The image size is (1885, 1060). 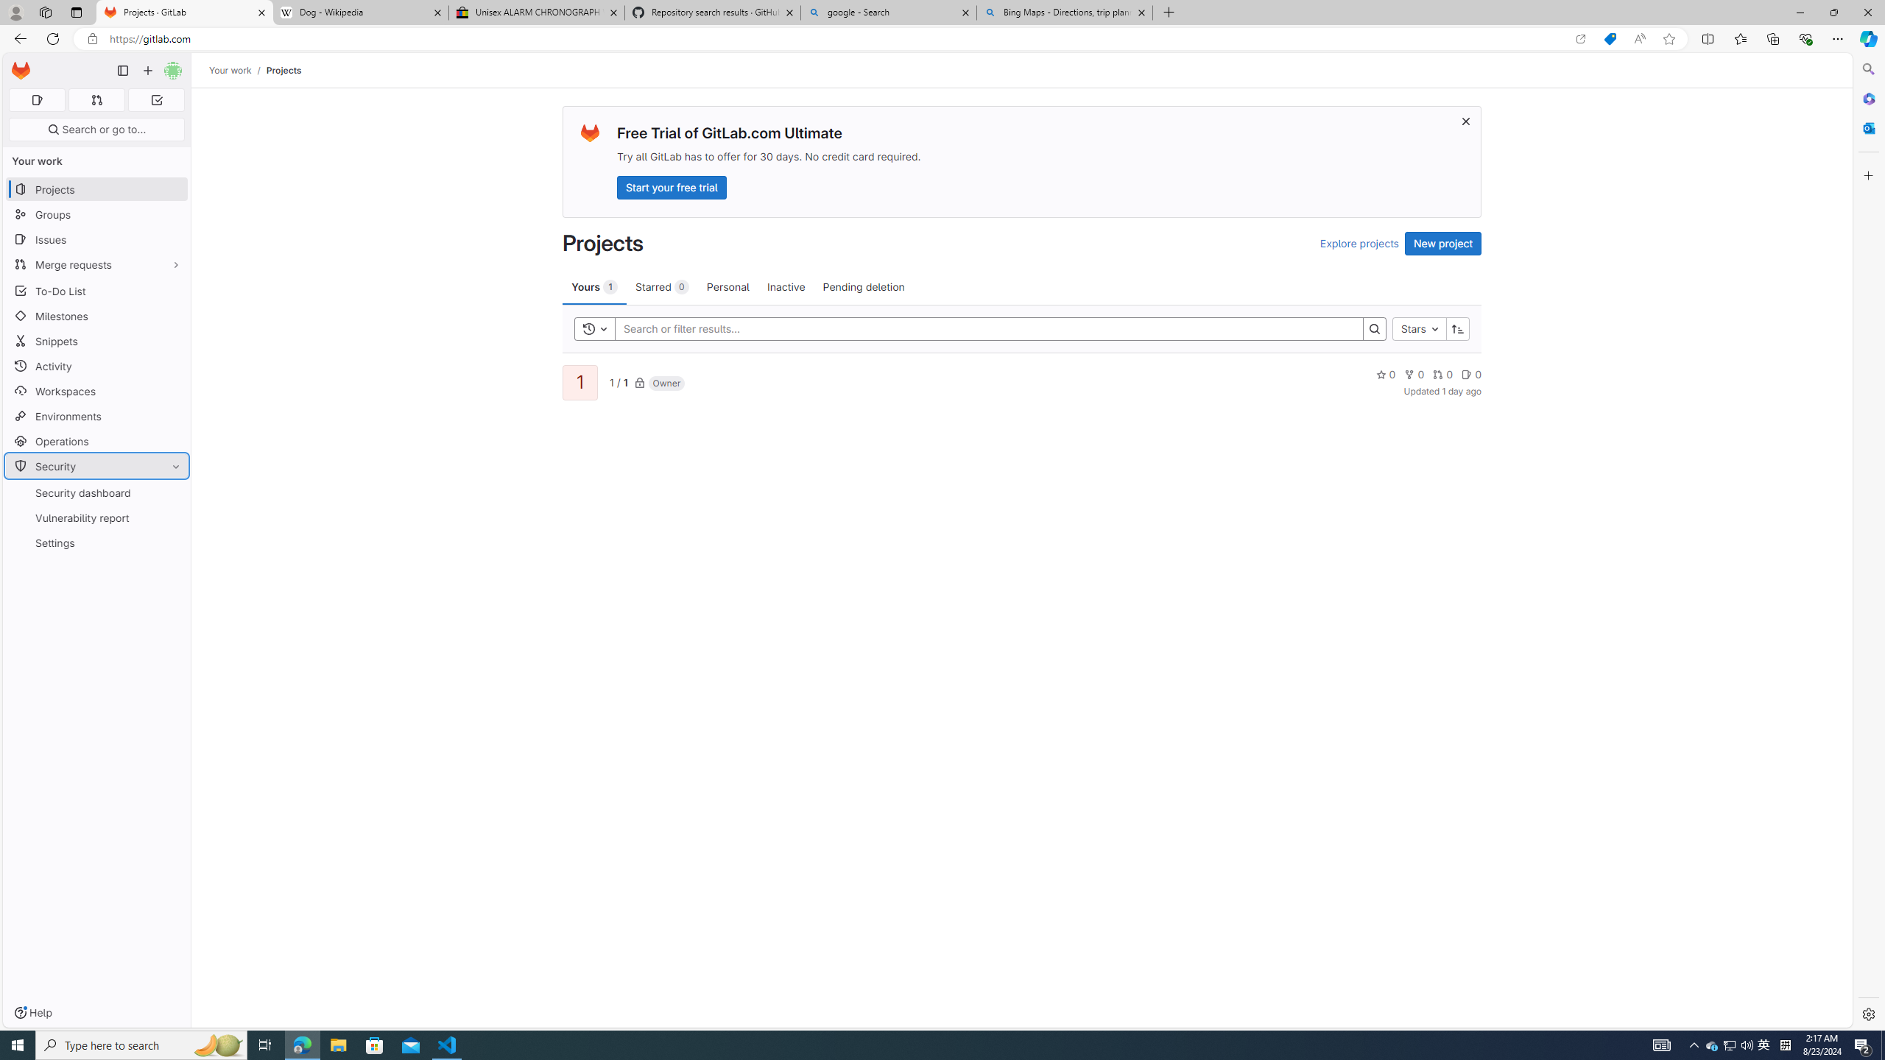 What do you see at coordinates (96, 491) in the screenshot?
I see `'Security dashboard'` at bounding box center [96, 491].